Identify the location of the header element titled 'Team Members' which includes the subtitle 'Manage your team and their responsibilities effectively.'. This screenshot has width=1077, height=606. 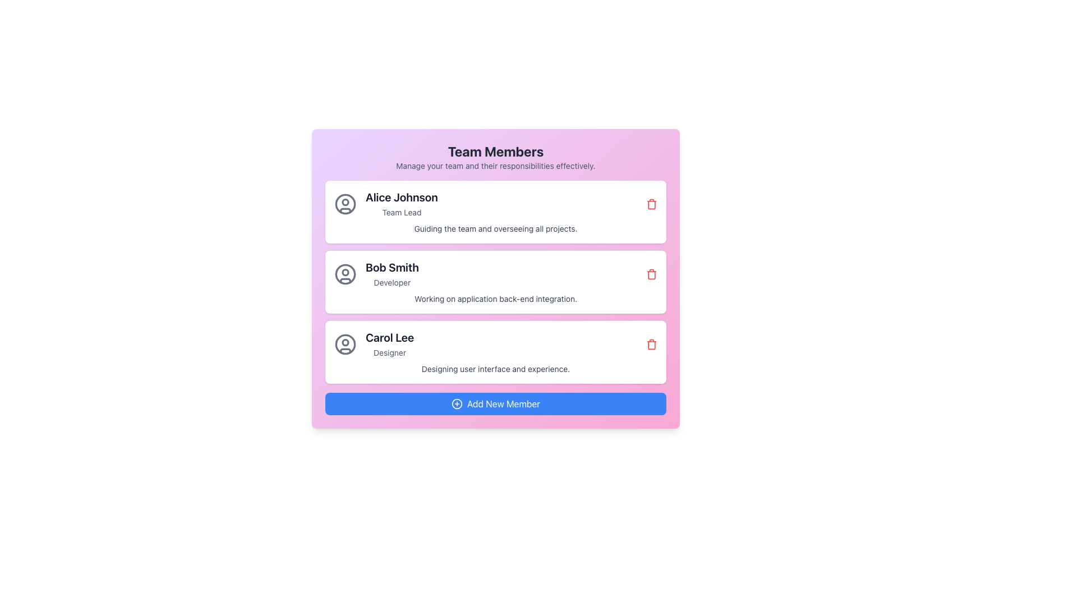
(495, 157).